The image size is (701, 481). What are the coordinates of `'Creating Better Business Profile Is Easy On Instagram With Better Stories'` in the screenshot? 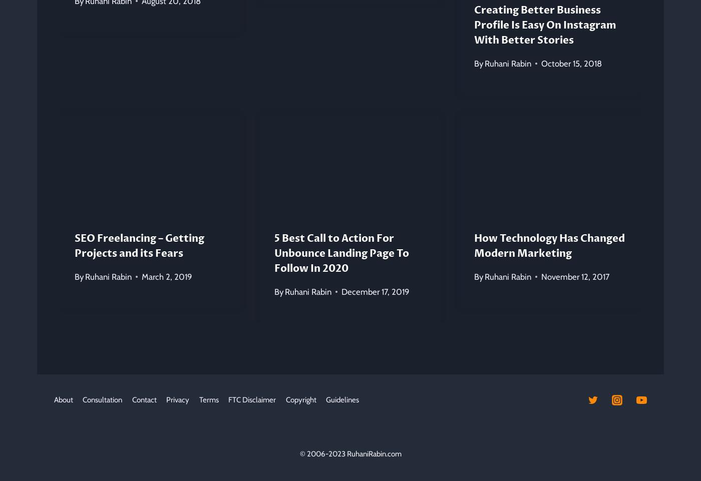 It's located at (544, 25).